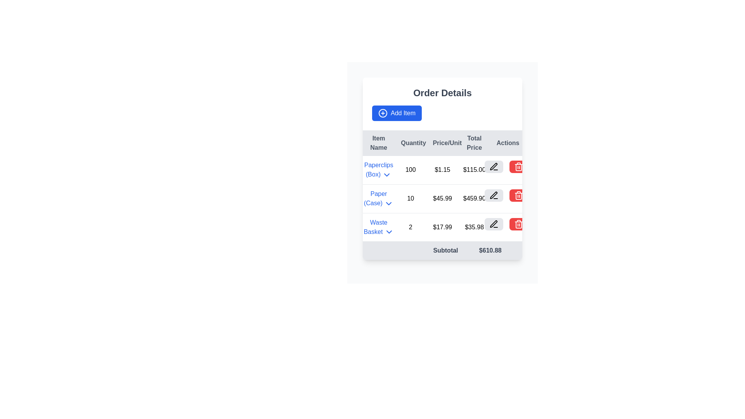 The width and height of the screenshot is (745, 419). What do you see at coordinates (442, 195) in the screenshot?
I see `the central area of the product table located in the 'Order Details' section` at bounding box center [442, 195].